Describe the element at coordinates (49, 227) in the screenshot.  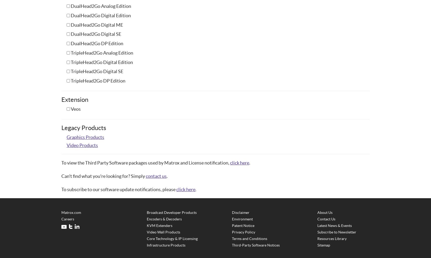
I see `'Twitter'` at that location.